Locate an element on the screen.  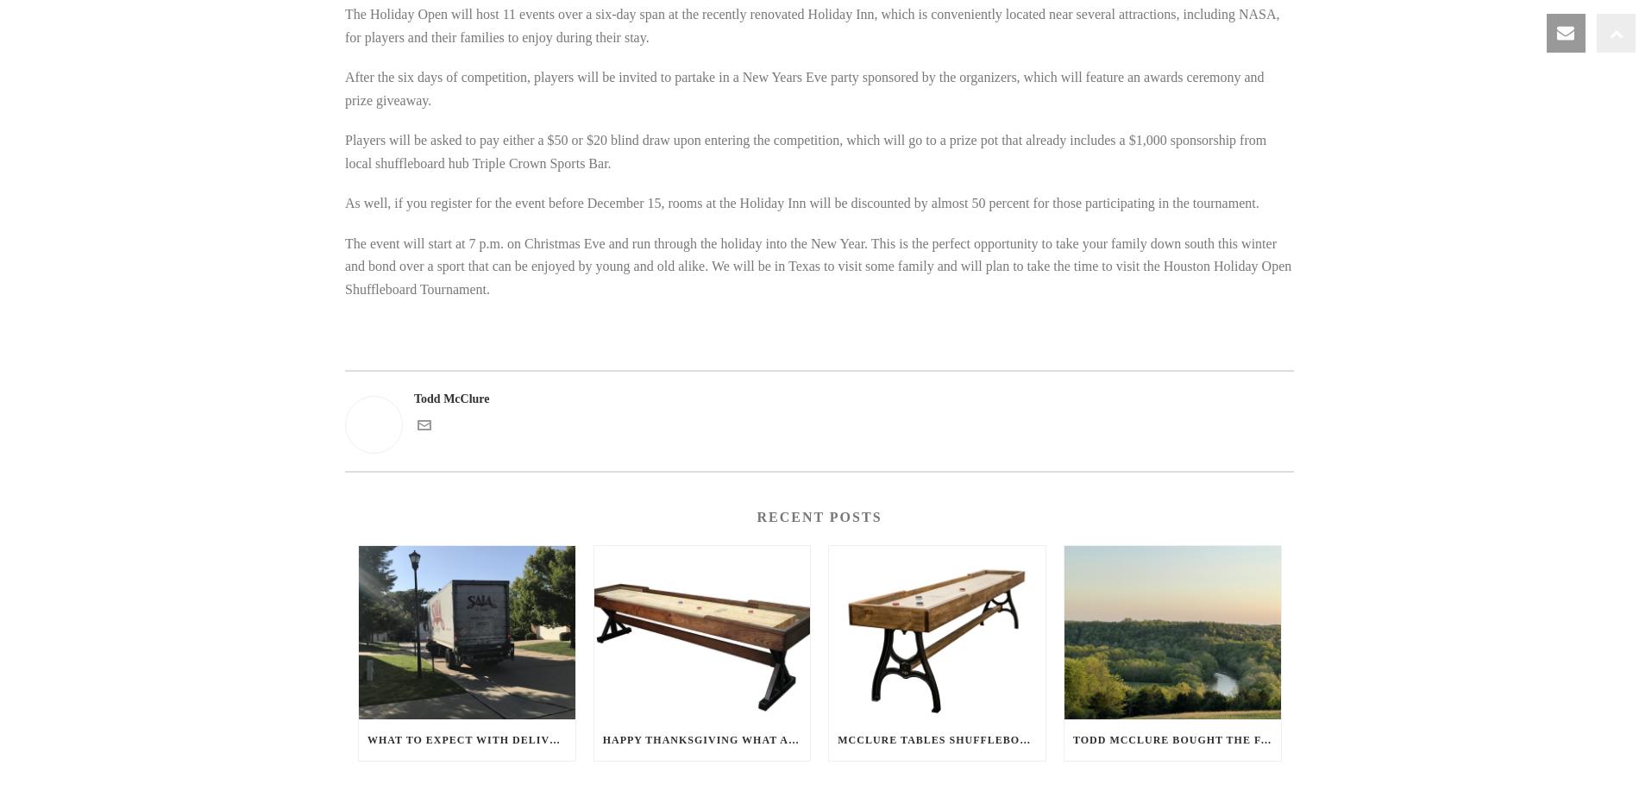
'After the six days of competition, players will be invited to partake in a New Years Eve party sponsored by the organizers, which will feature an awards ceremony and prize giveaway.' is located at coordinates (343, 88).